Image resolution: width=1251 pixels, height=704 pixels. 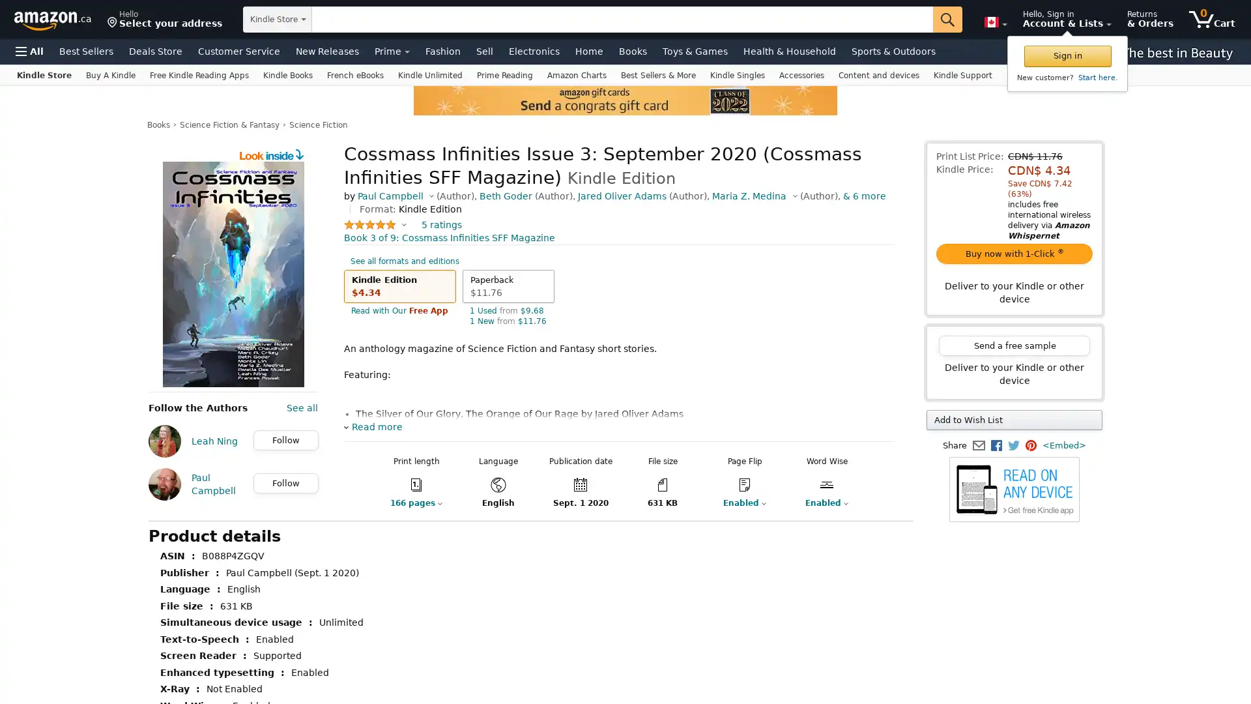 I want to click on Enabled, so click(x=826, y=502).